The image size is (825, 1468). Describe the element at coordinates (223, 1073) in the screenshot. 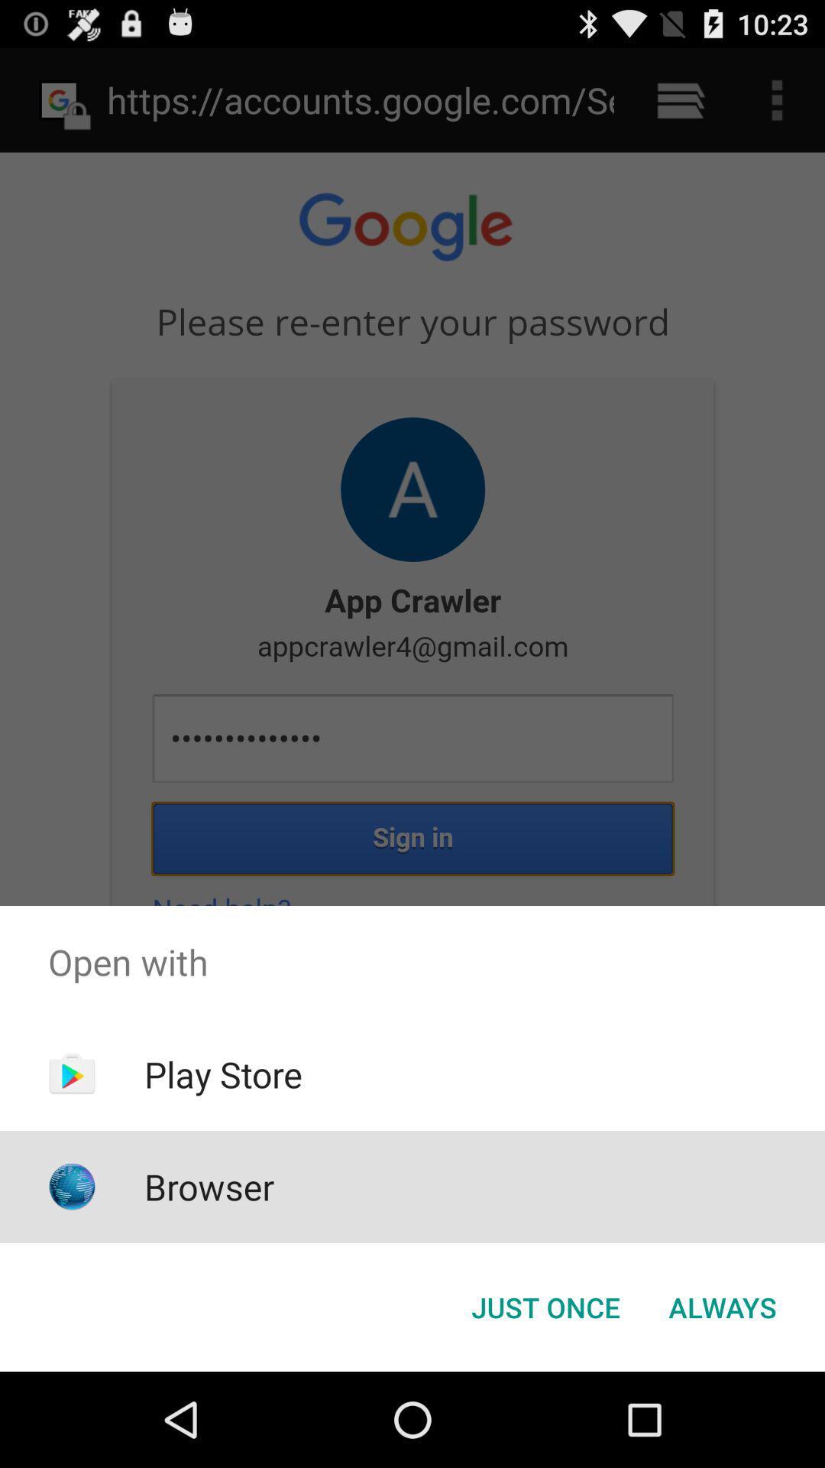

I see `the icon above the browser app` at that location.